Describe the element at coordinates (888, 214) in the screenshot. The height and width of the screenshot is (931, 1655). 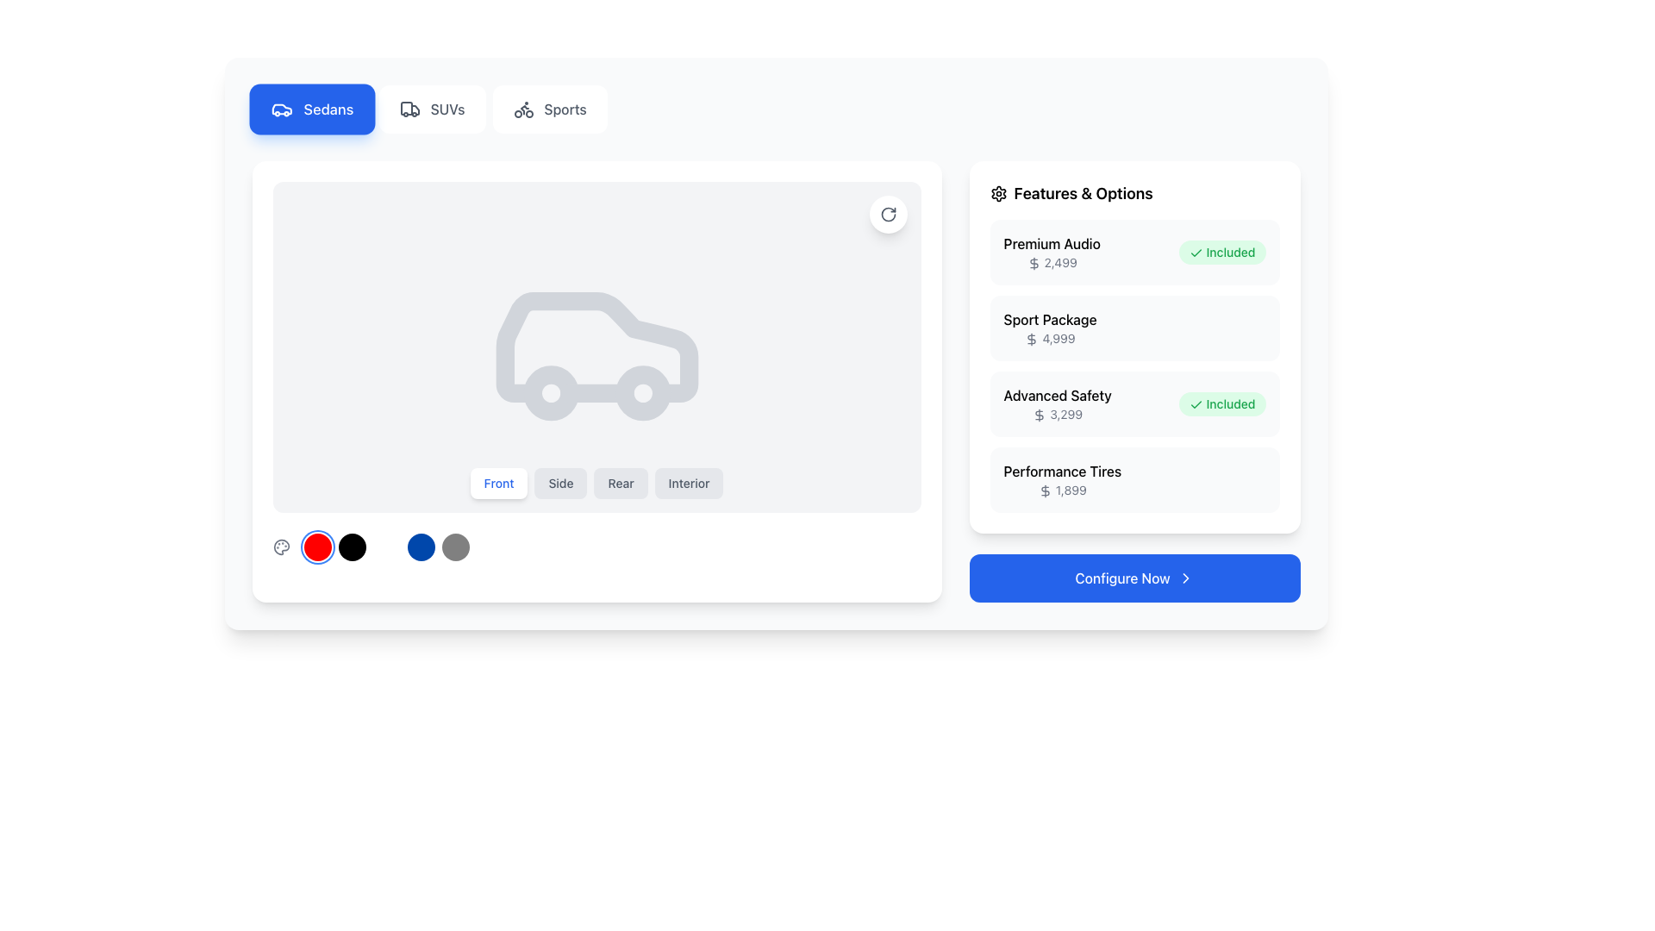
I see `the circular button with a white background and a gray outline featuring a clockwise rotation arrow icon in its center to reset` at that location.